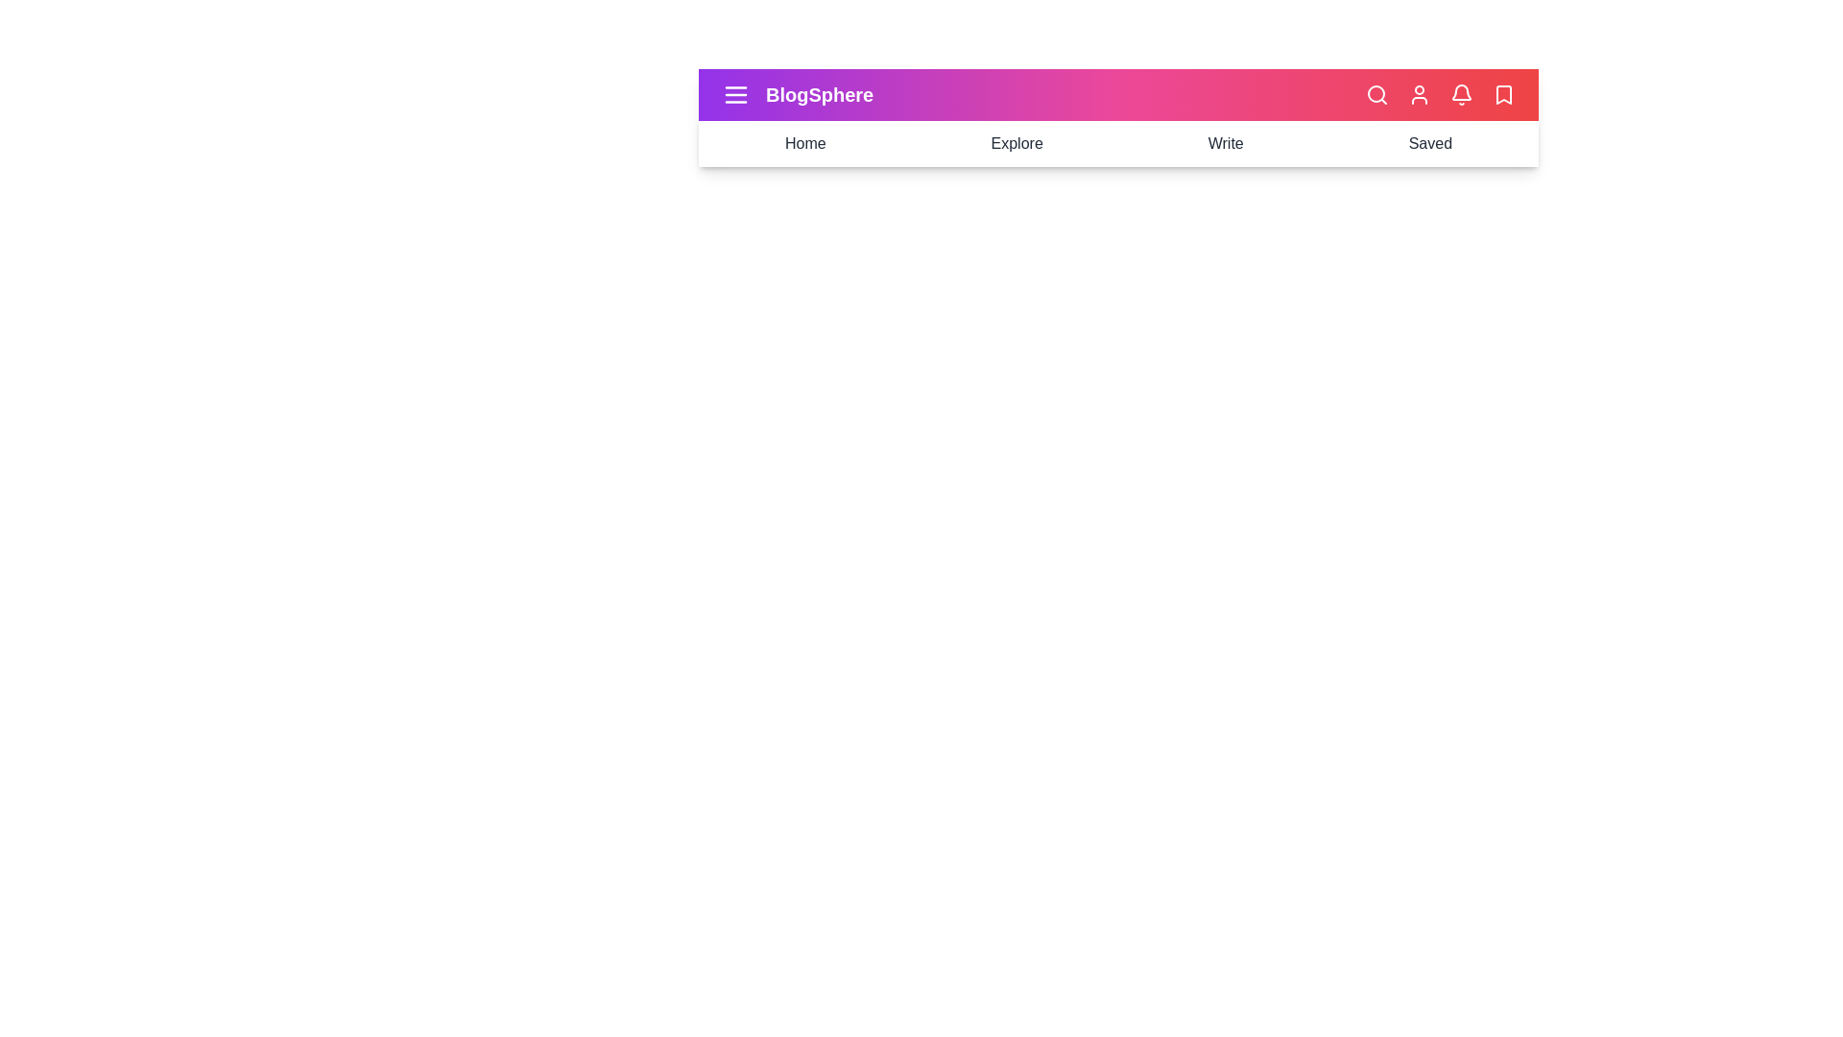 The height and width of the screenshot is (1037, 1843). I want to click on the element Write to preview its effect, so click(1224, 143).